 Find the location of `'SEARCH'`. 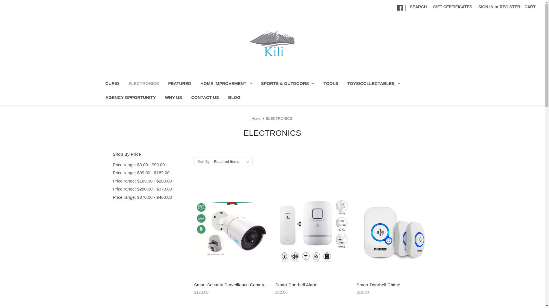

'SEARCH' is located at coordinates (418, 7).